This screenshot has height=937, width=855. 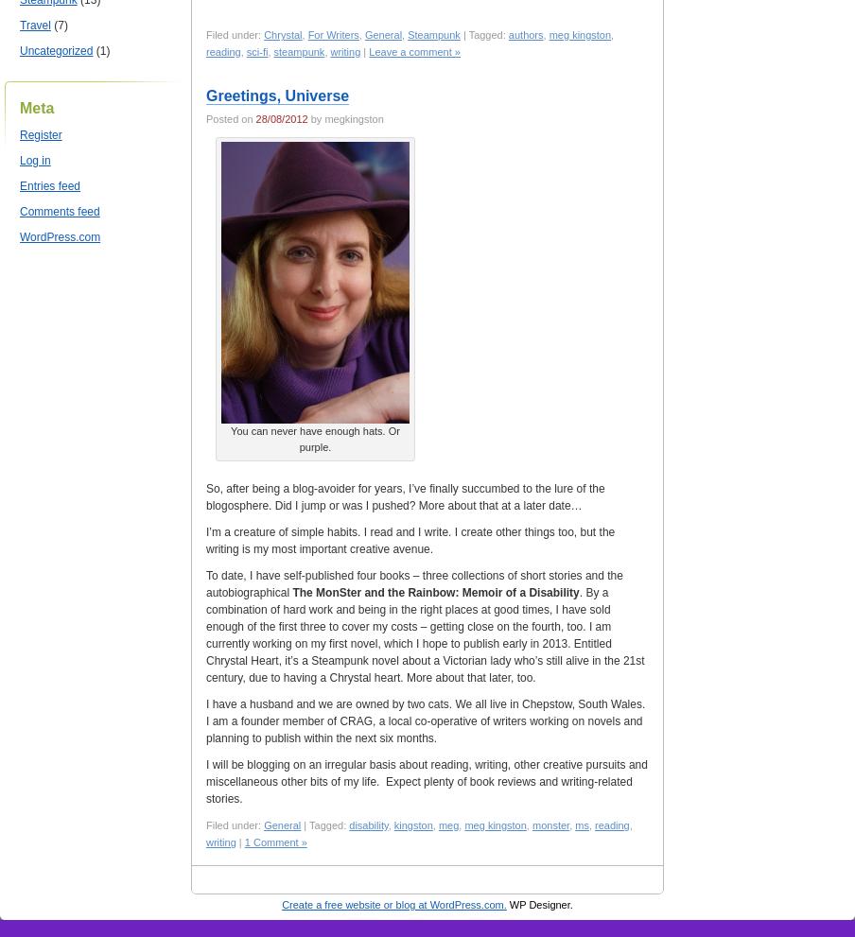 What do you see at coordinates (412, 824) in the screenshot?
I see `'kingston'` at bounding box center [412, 824].